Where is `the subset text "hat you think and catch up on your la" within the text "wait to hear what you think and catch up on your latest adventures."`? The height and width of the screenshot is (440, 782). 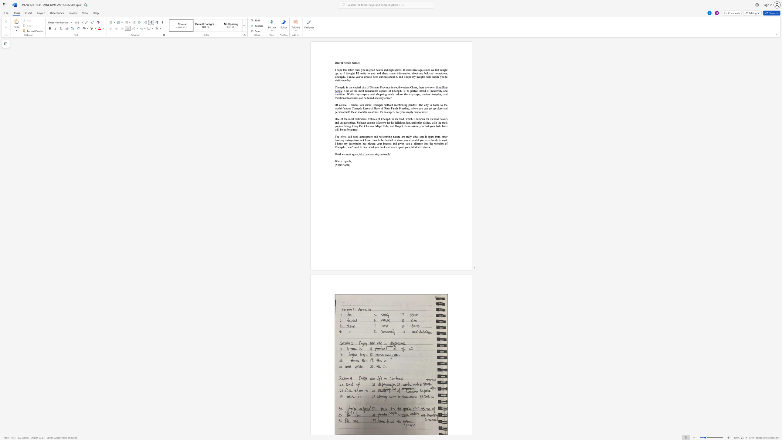 the subset text "hat you think and catch up on your la" within the text "wait to hear what you think and catch up on your latest adventures." is located at coordinates (370, 147).